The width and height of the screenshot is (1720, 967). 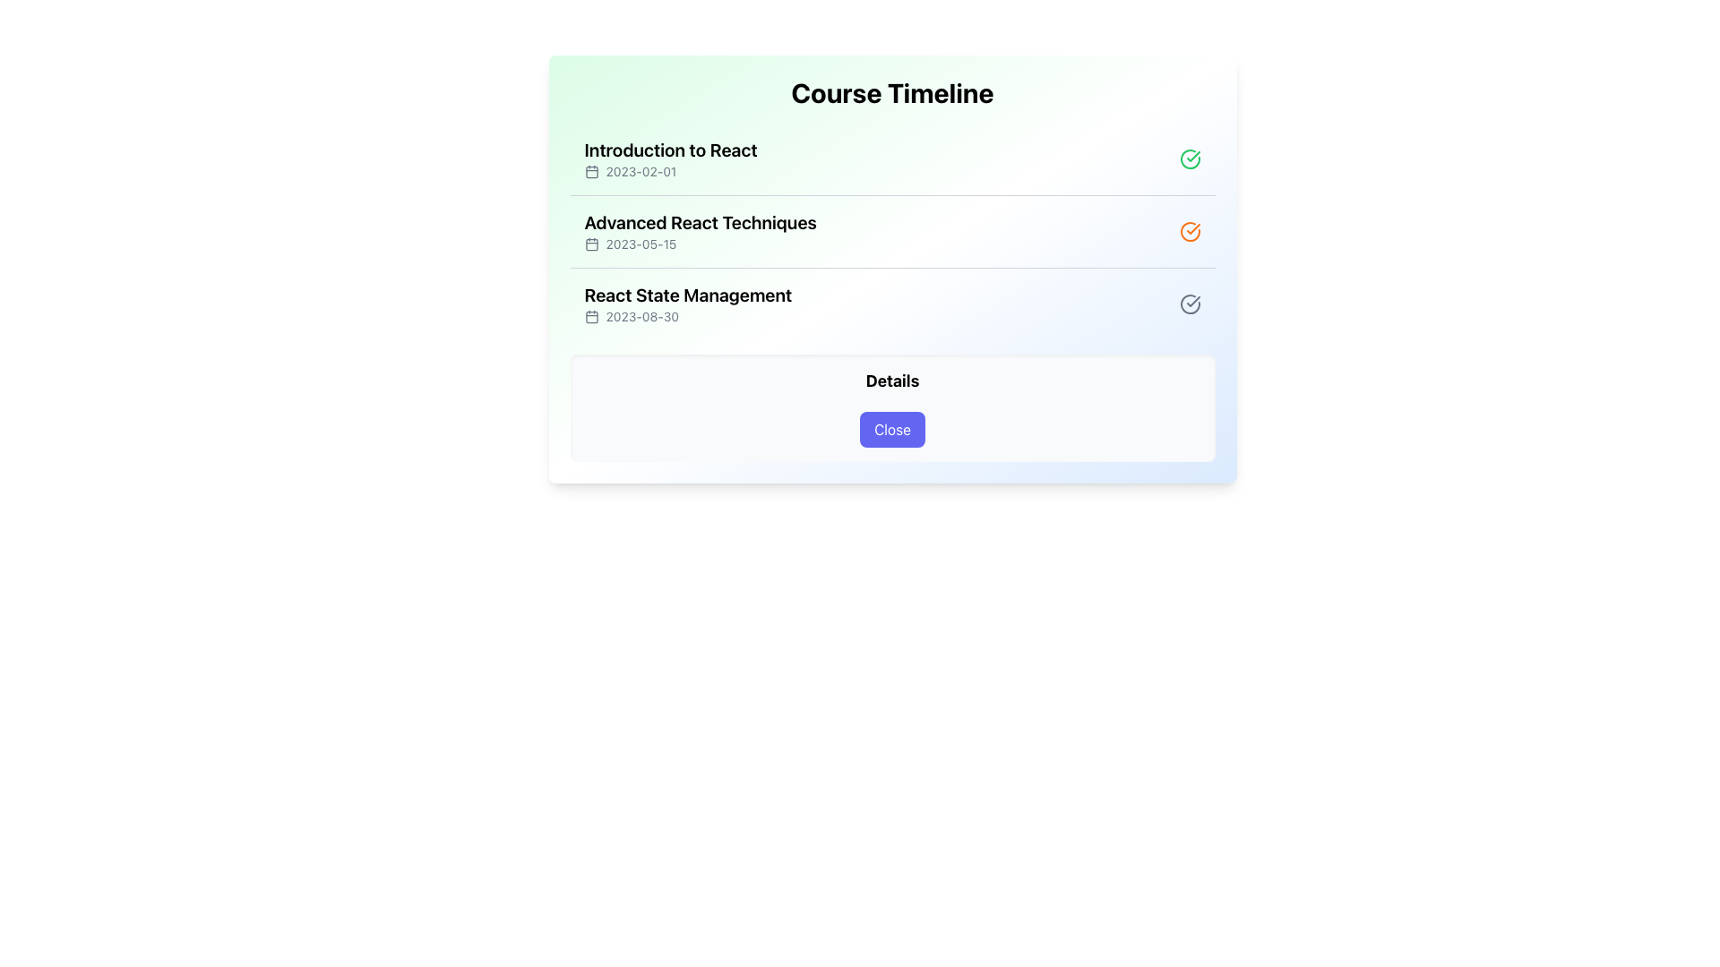 I want to click on the Text Display element that shows the title of the course or event, specifically located in the second position of the course timeline list, between 'Introduction to React' and 'React State Management', so click(x=700, y=222).